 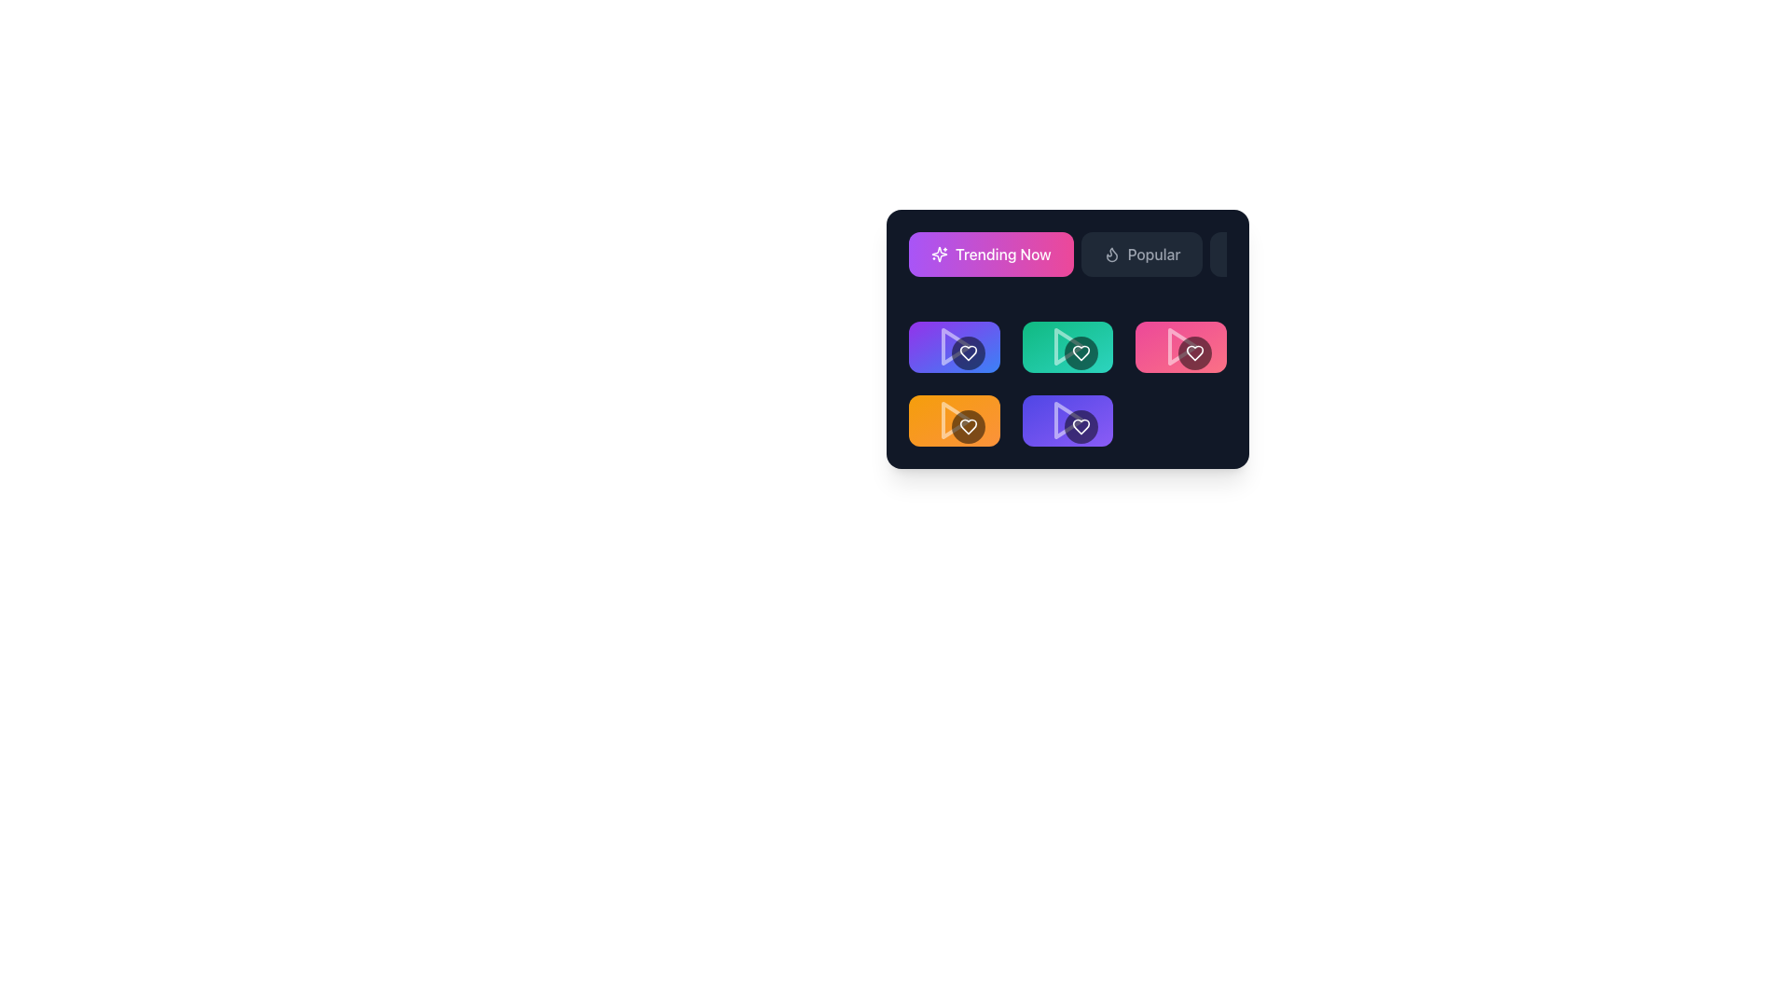 What do you see at coordinates (954, 421) in the screenshot?
I see `the play icon located in the second item of the third row within a grid of colorful buttons in the bottom-left rectangle` at bounding box center [954, 421].